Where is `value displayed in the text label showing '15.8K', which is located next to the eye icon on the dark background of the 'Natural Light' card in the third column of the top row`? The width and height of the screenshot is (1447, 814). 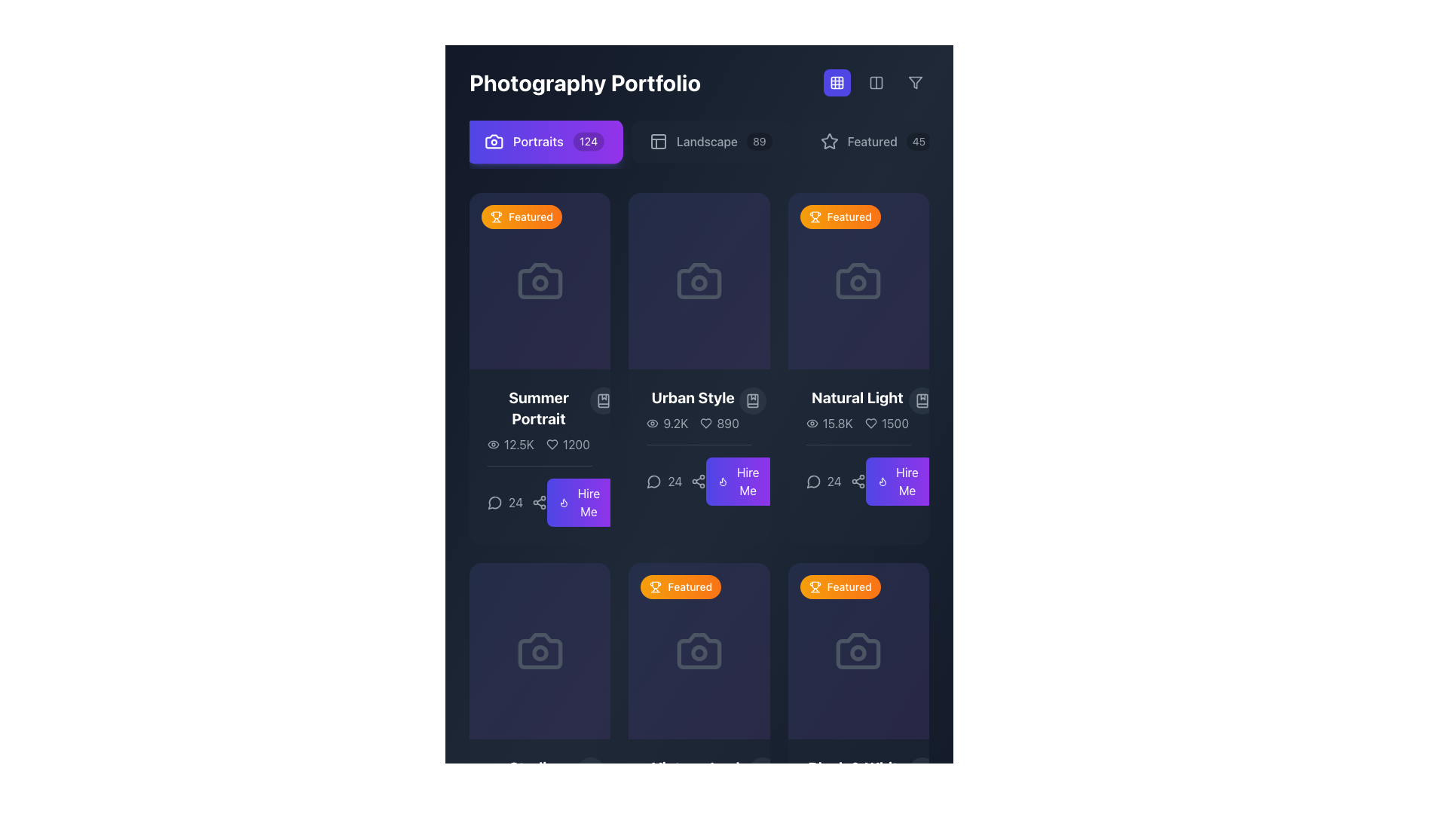
value displayed in the text label showing '15.8K', which is located next to the eye icon on the dark background of the 'Natural Light' card in the third column of the top row is located at coordinates (837, 424).